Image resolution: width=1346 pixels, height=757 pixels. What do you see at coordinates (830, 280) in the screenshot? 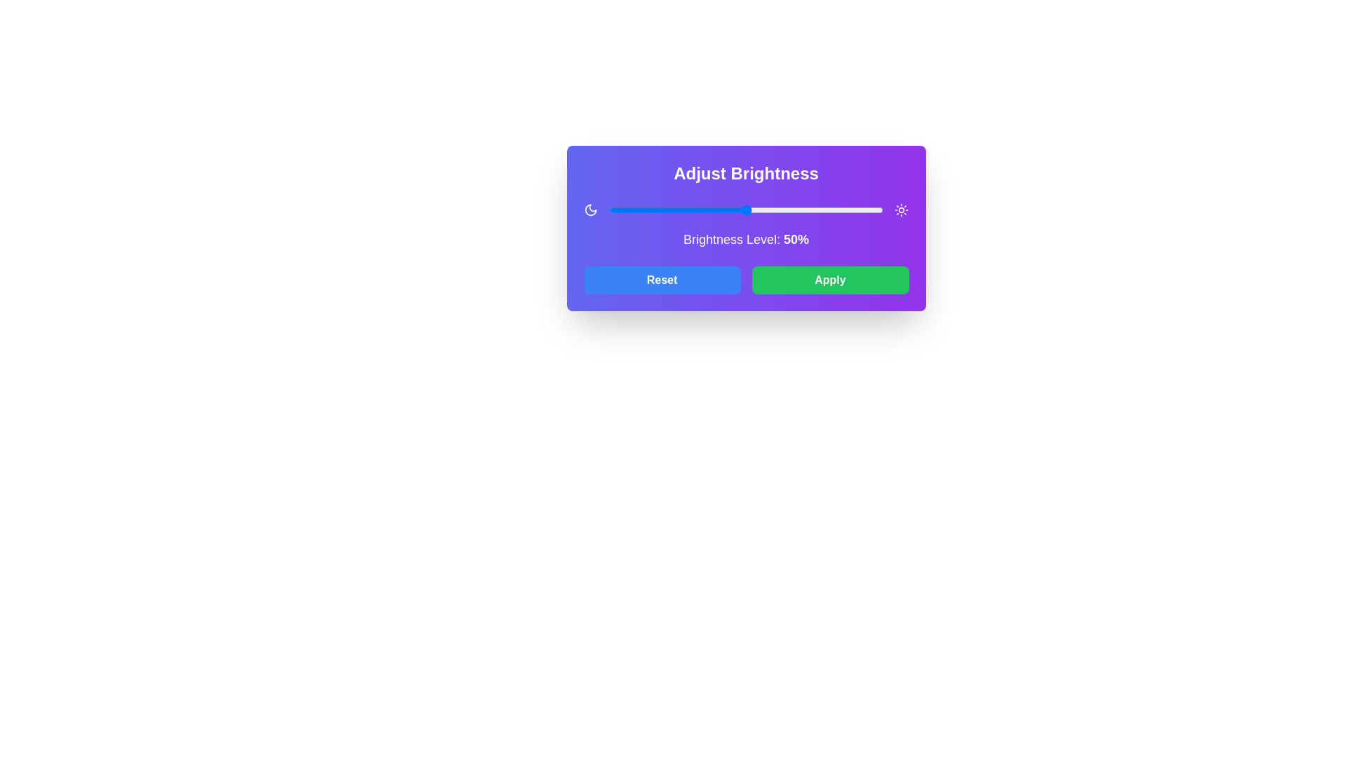
I see `'Apply' button to apply the brightness` at bounding box center [830, 280].